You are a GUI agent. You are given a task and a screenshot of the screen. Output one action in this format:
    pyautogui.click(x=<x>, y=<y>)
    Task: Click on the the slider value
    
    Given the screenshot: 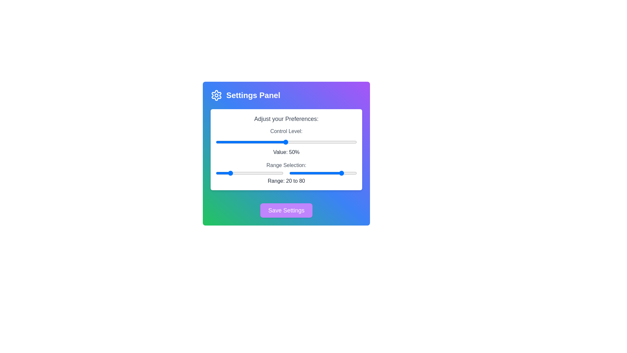 What is the action you would take?
    pyautogui.click(x=241, y=142)
    